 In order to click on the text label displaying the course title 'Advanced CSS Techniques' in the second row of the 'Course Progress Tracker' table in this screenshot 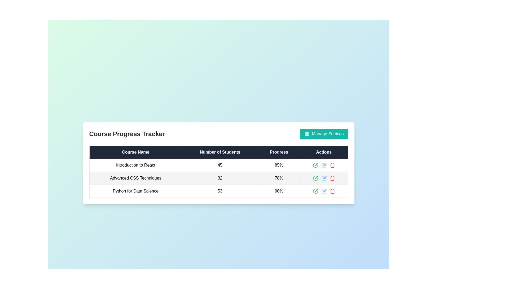, I will do `click(135, 178)`.